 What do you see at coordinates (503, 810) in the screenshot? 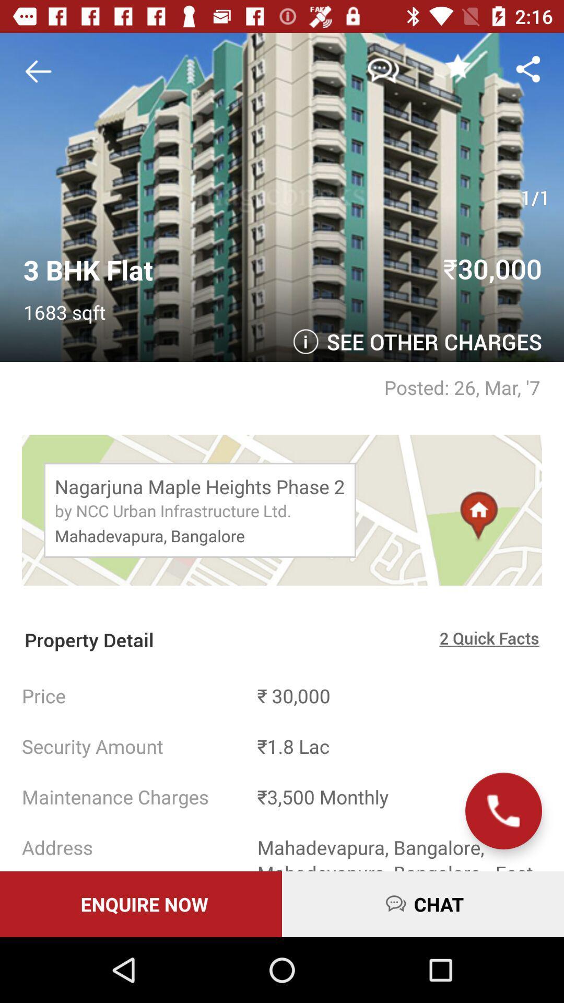
I see `the call icon` at bounding box center [503, 810].